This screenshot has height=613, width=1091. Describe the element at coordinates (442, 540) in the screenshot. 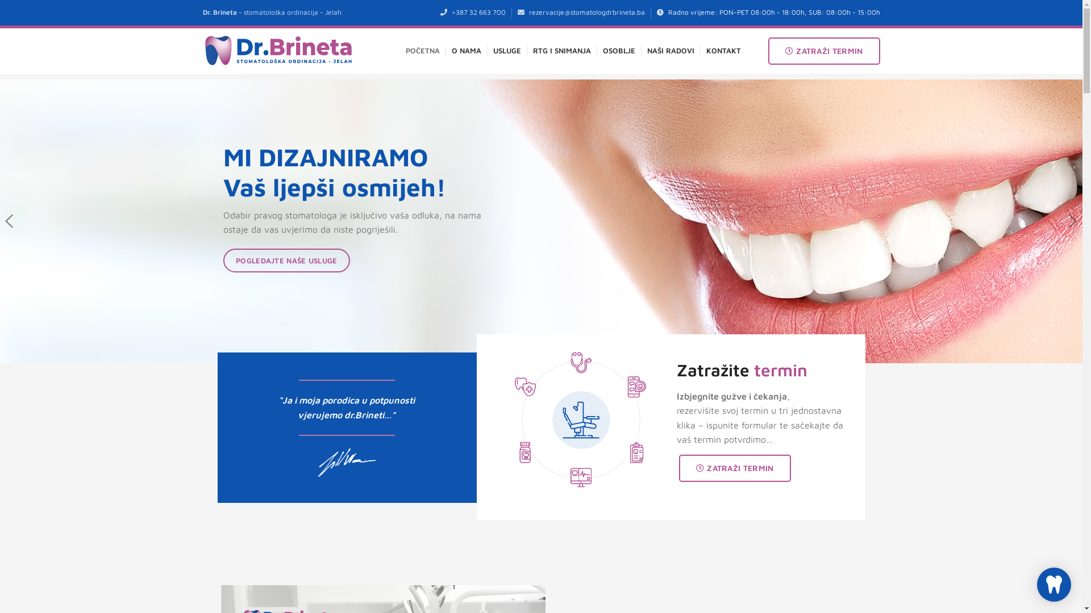

I see `'KONTAKT'` at that location.